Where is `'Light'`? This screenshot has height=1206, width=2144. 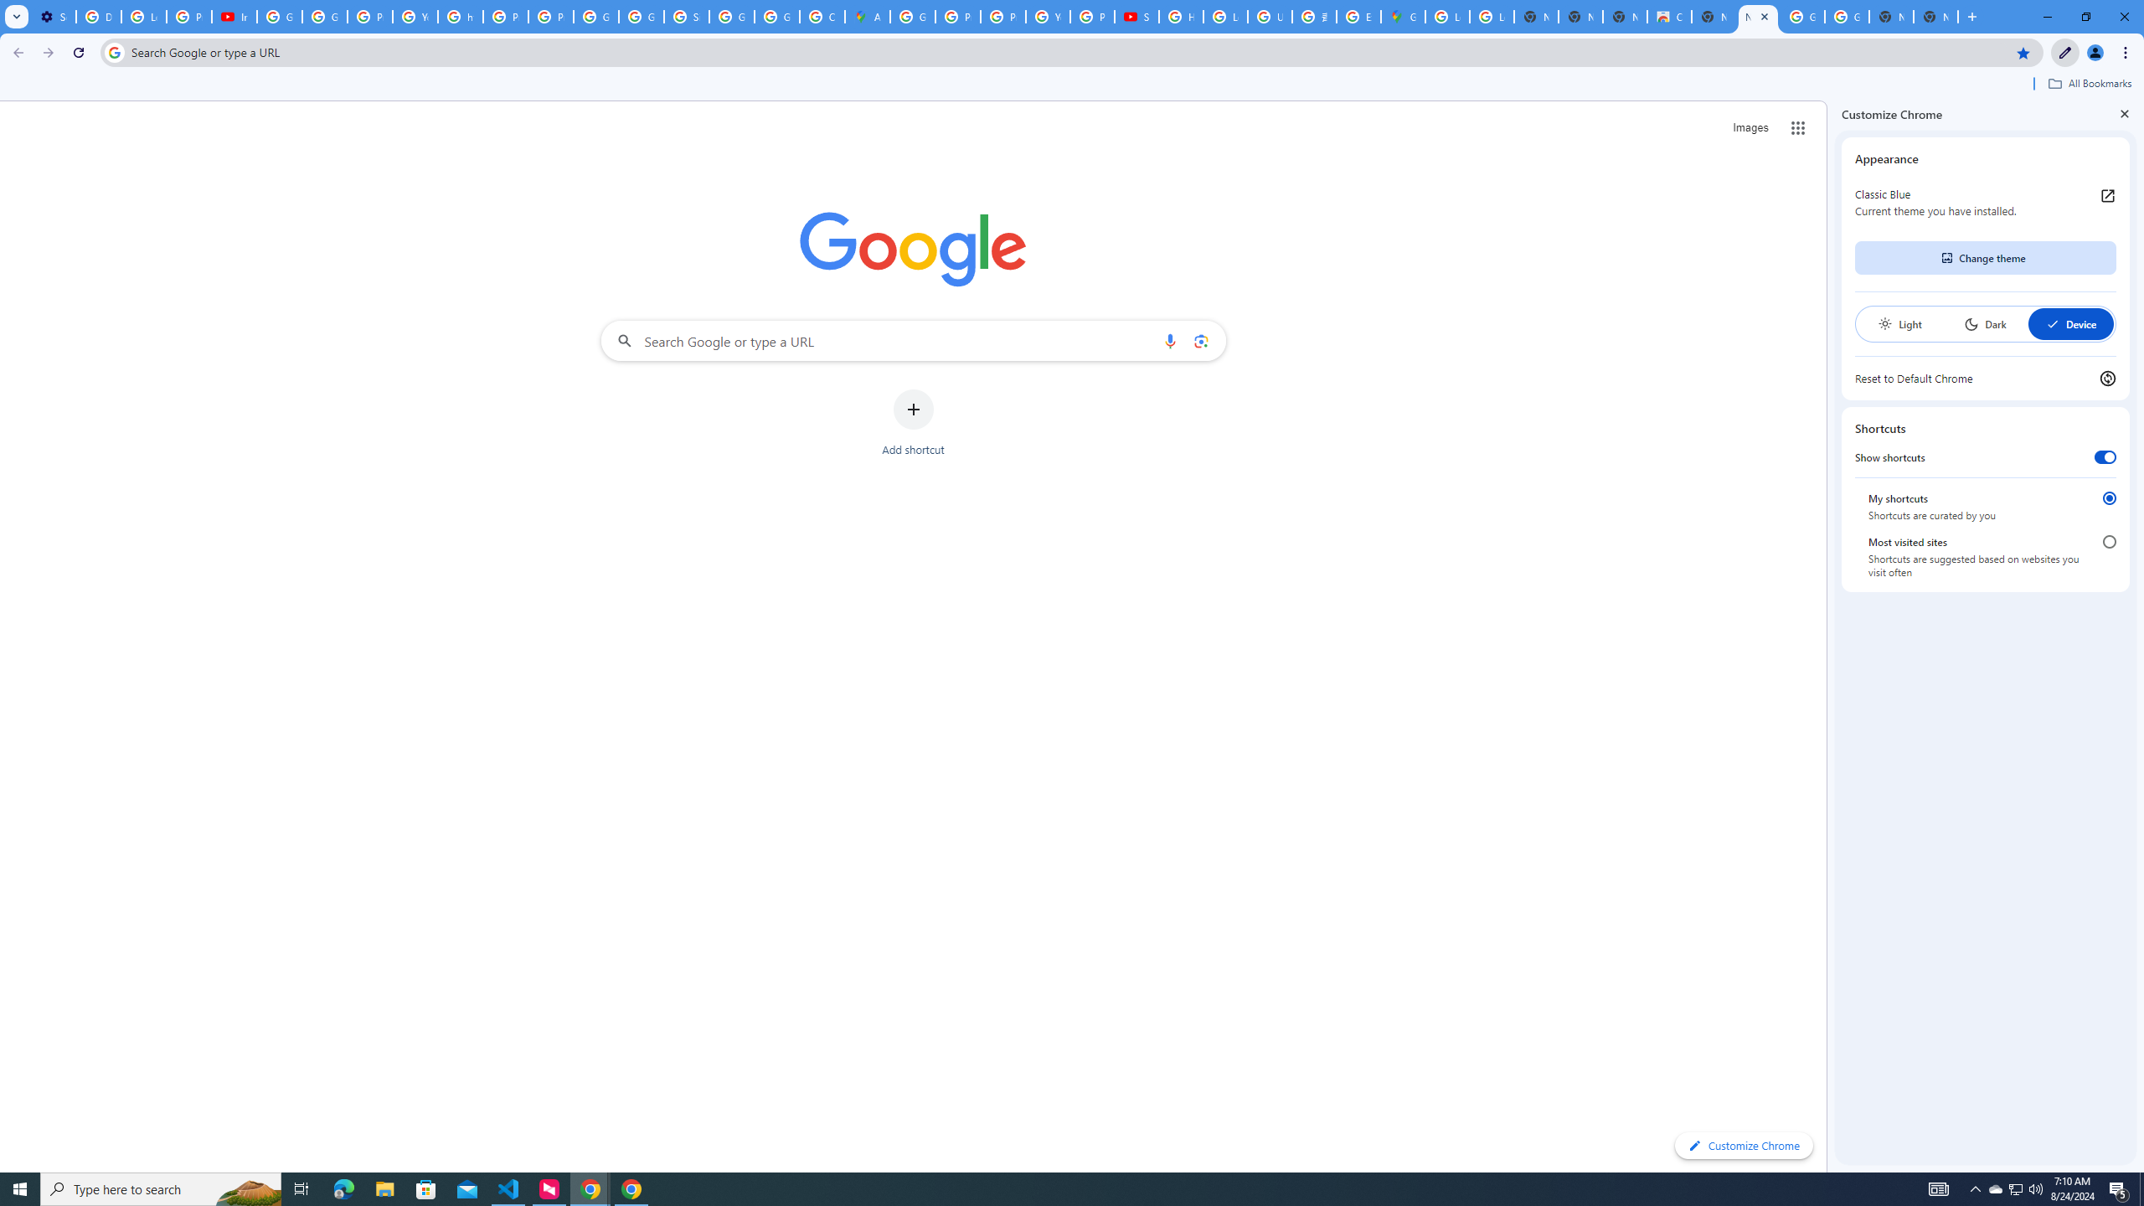 'Light' is located at coordinates (1899, 323).